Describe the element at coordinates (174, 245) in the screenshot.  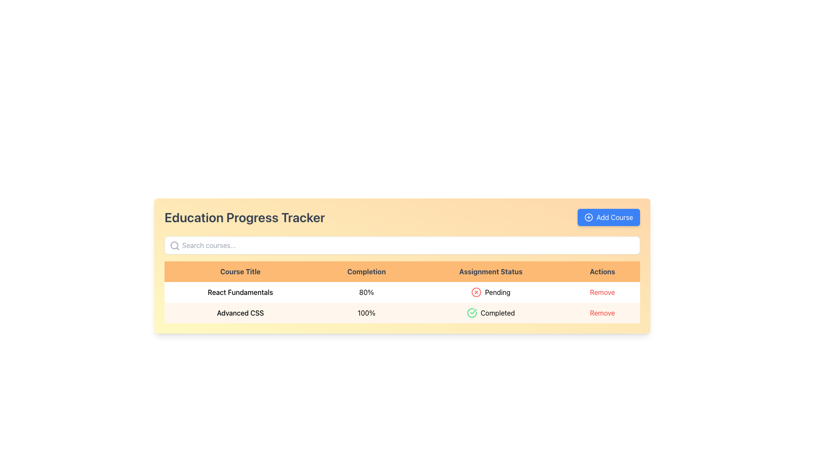
I see `the magnifying glass icon, which is a gray vector graphic located to the left of the 'Search courses...' placeholder text in the search bar above the table` at that location.